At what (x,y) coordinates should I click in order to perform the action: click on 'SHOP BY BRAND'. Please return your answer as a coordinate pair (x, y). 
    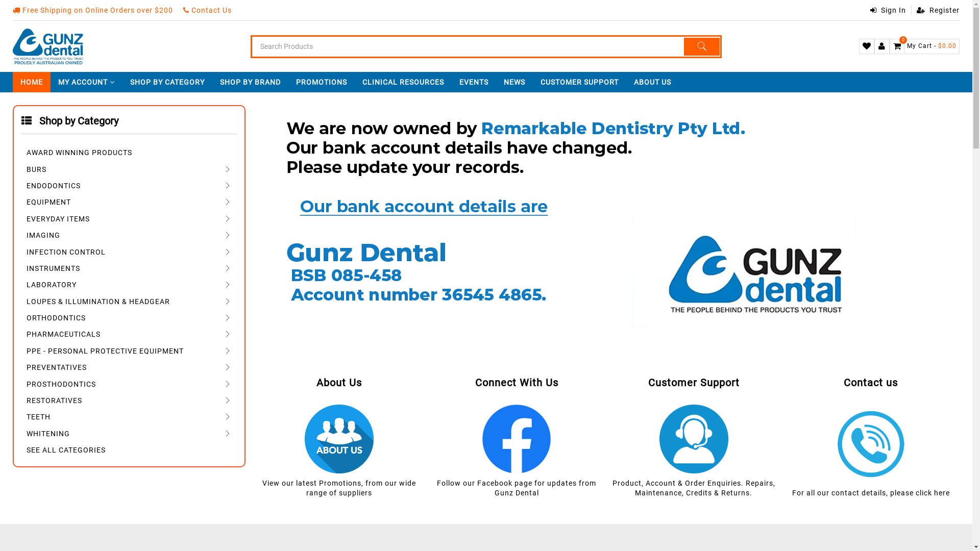
    Looking at the image, I should click on (212, 82).